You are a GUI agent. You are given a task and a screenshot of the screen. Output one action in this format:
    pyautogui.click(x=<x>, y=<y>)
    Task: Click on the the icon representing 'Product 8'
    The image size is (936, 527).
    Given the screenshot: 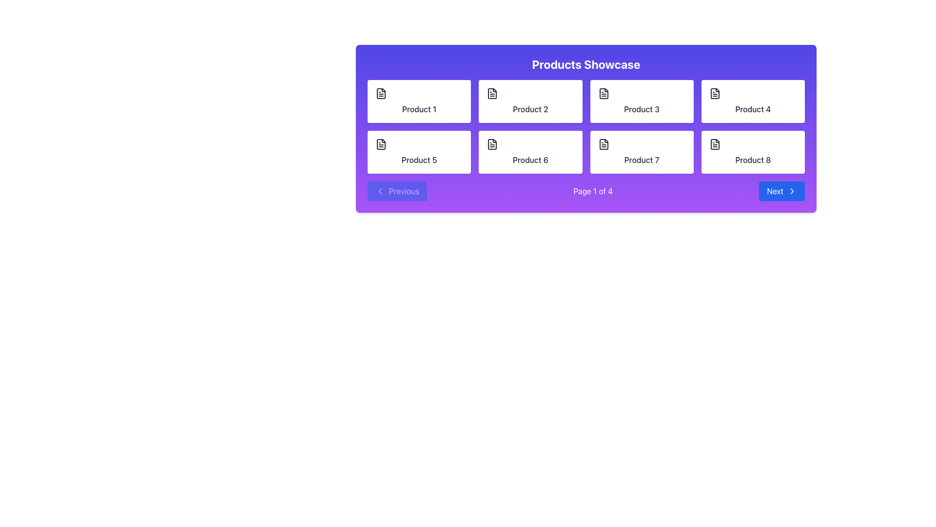 What is the action you would take?
    pyautogui.click(x=715, y=144)
    